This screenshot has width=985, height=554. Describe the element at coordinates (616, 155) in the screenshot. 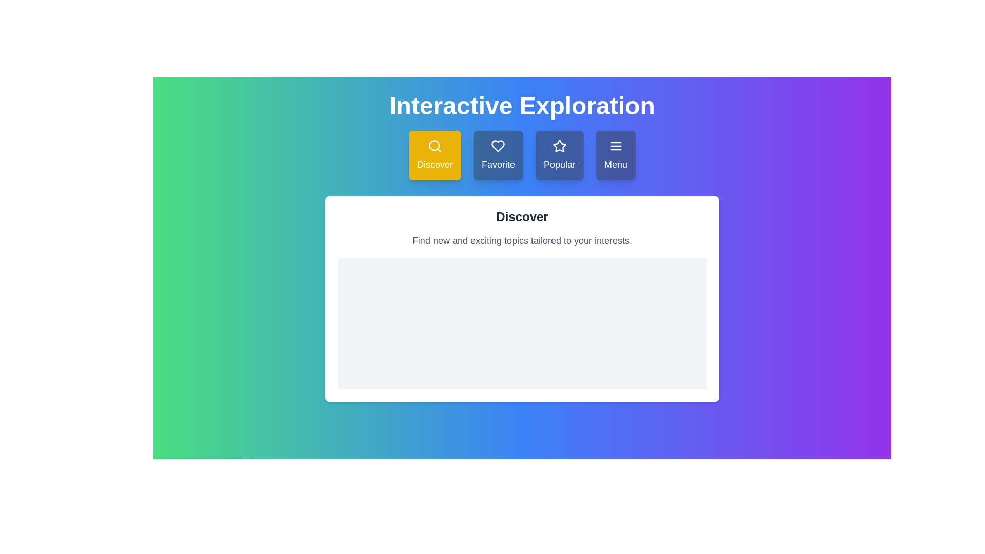

I see `the tab labeled Menu` at that location.